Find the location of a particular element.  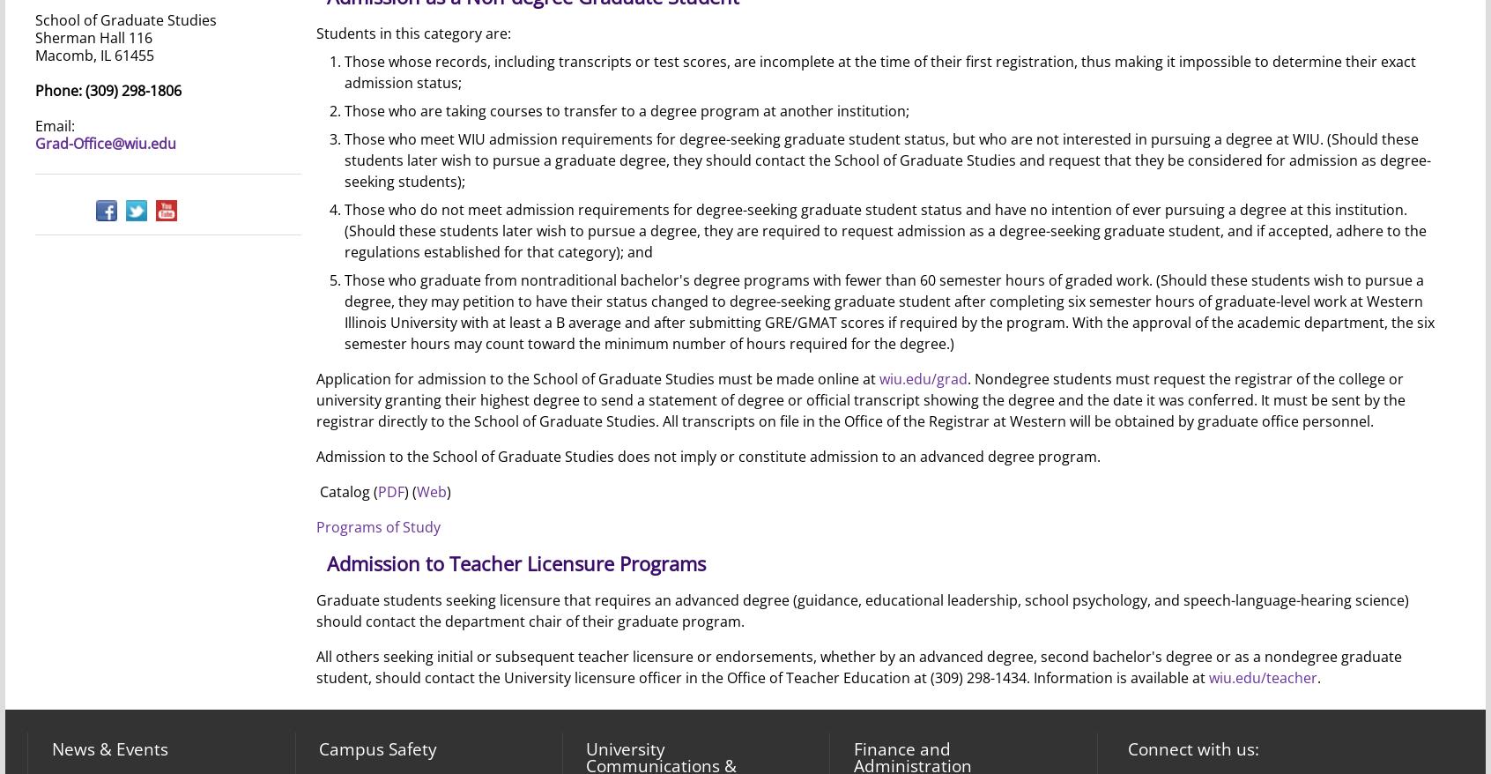

'. Nondegree students must request the registrar of the college or university granting their highest degree to send a statement of degree or official transcript showing the degree and the date it was conferred. It must be sent by the registrar directly to the School of Graduate Studies. All transcripts on file in the Office of the Registrar at Western will be obtained by graduate office personnel.' is located at coordinates (859, 399).